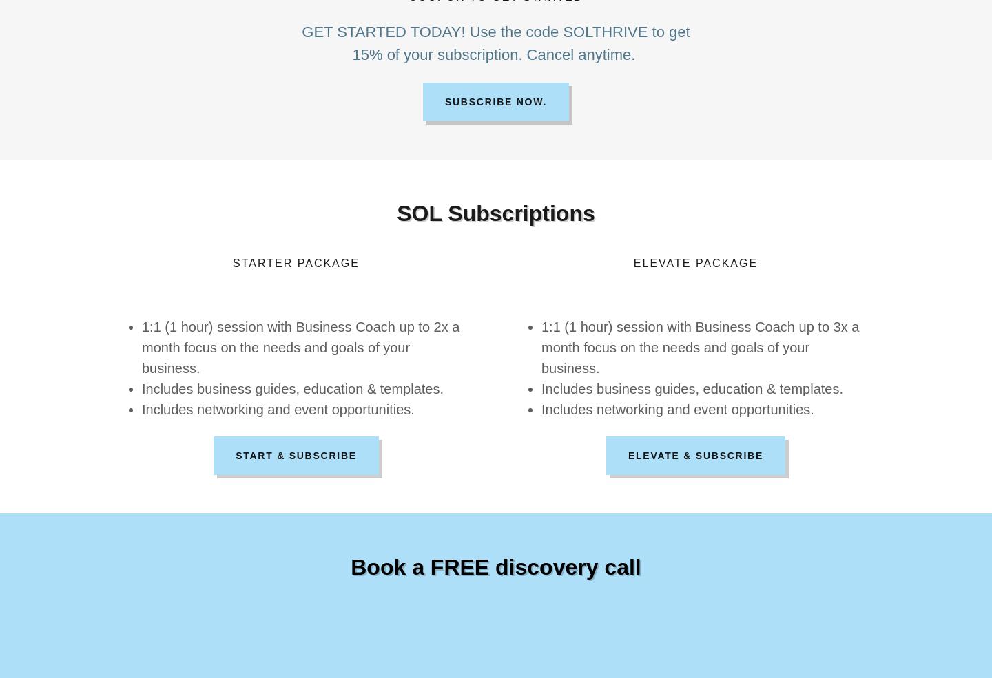 The height and width of the screenshot is (678, 992). What do you see at coordinates (694, 454) in the screenshot?
I see `'Elevate & Subscribe'` at bounding box center [694, 454].